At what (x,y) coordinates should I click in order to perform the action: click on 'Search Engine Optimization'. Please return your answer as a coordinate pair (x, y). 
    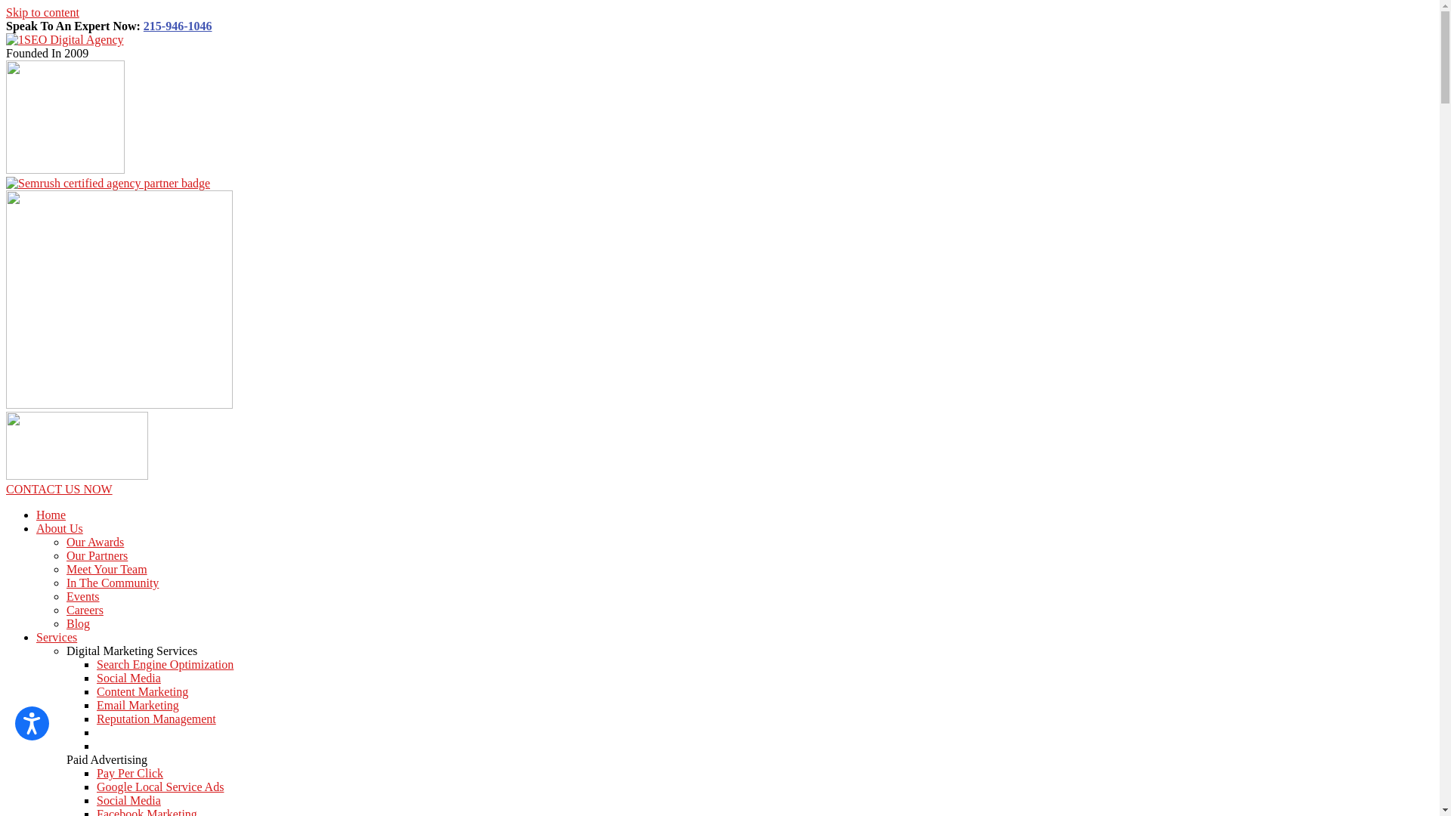
    Looking at the image, I should click on (165, 663).